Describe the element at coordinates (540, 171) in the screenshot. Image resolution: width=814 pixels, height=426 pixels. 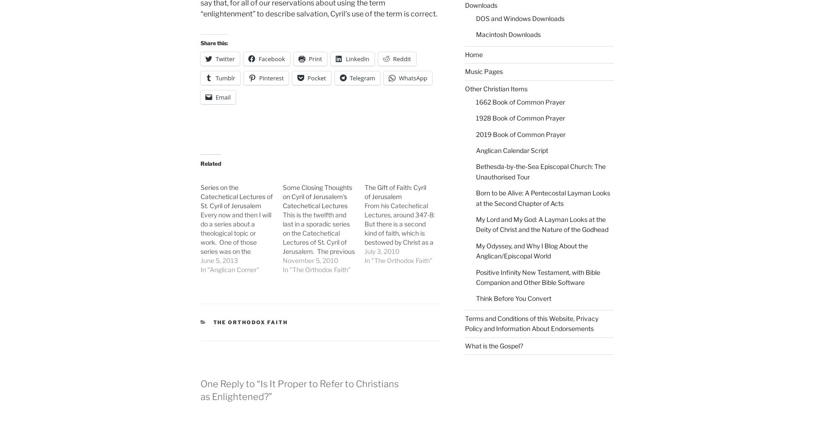
I see `'Bethesda-by-the-Sea Episcopal Church: The Unauthorised Tour'` at that location.